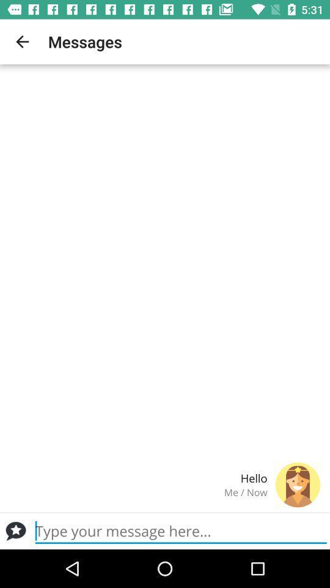 This screenshot has height=588, width=330. Describe the element at coordinates (137, 492) in the screenshot. I see `the icon below the hello` at that location.